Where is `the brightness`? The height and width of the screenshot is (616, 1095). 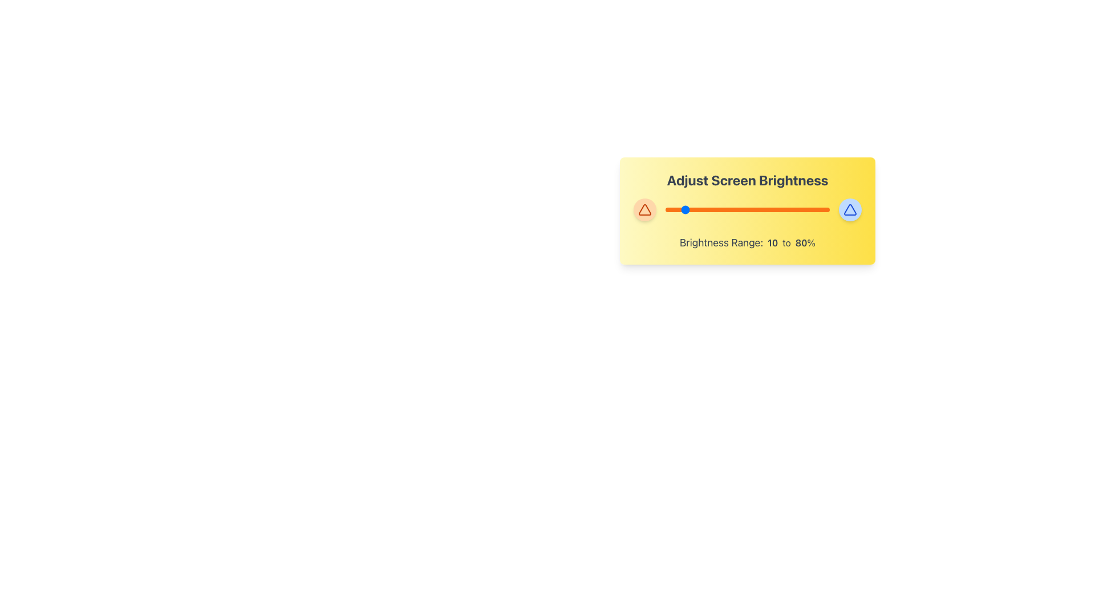 the brightness is located at coordinates (714, 209).